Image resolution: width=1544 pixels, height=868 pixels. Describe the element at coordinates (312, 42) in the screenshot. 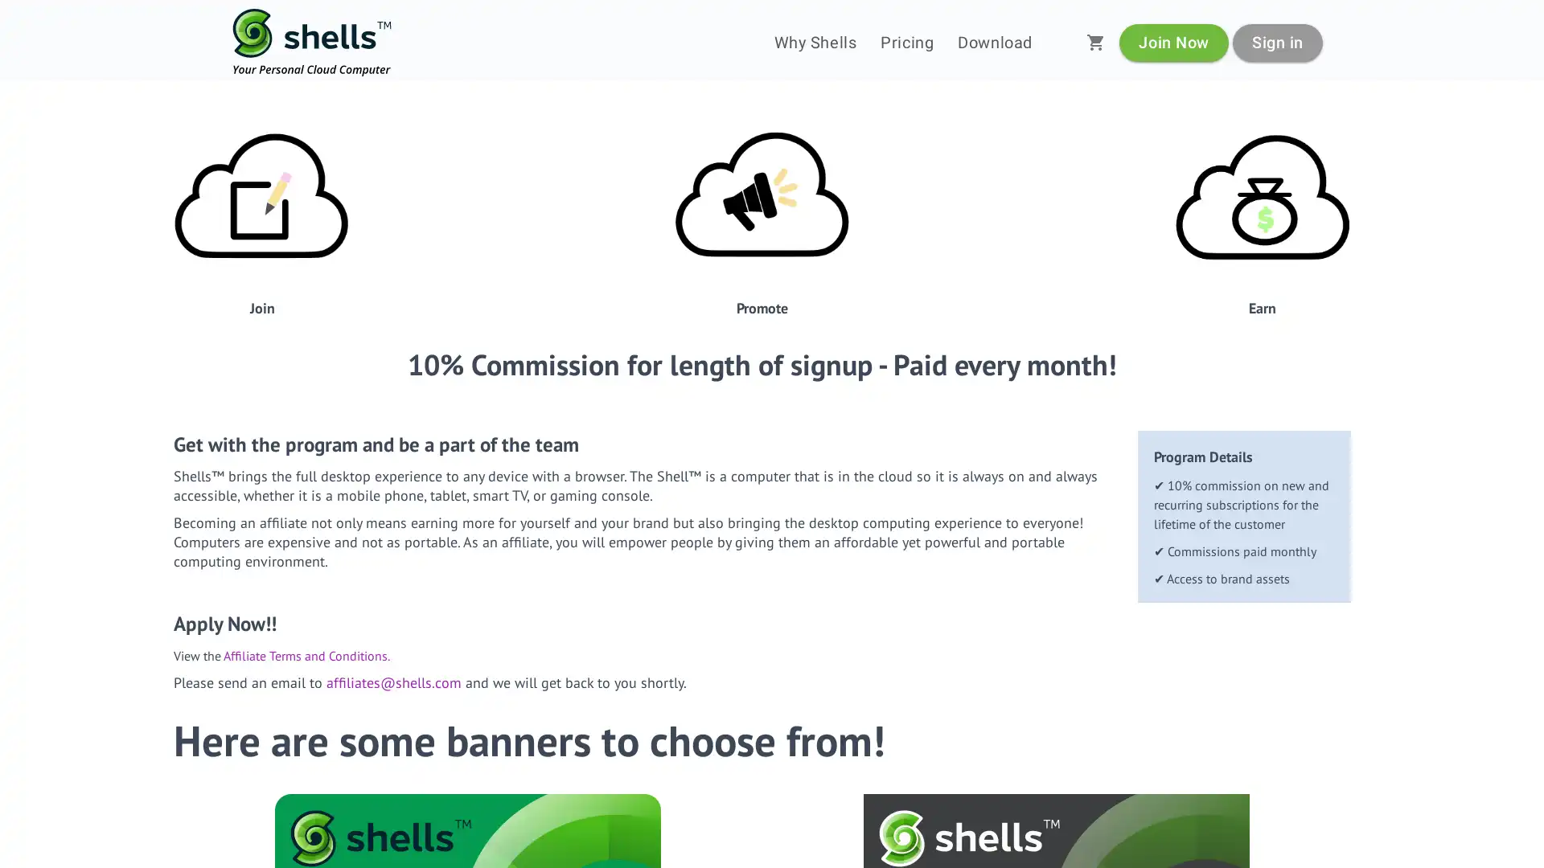

I see `Shells Logo` at that location.